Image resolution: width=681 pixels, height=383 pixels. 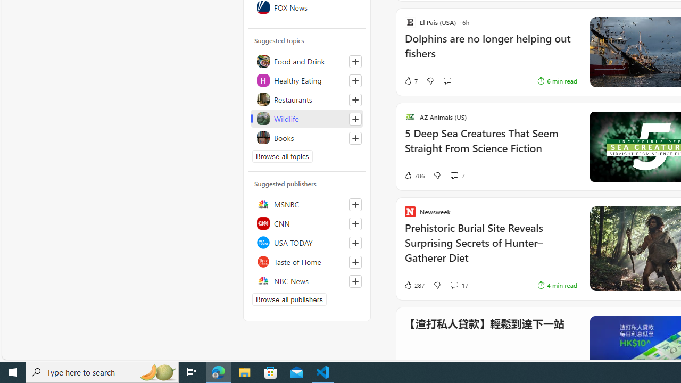 I want to click on 'Dolphins are no longer helping out fishers', so click(x=490, y=52).